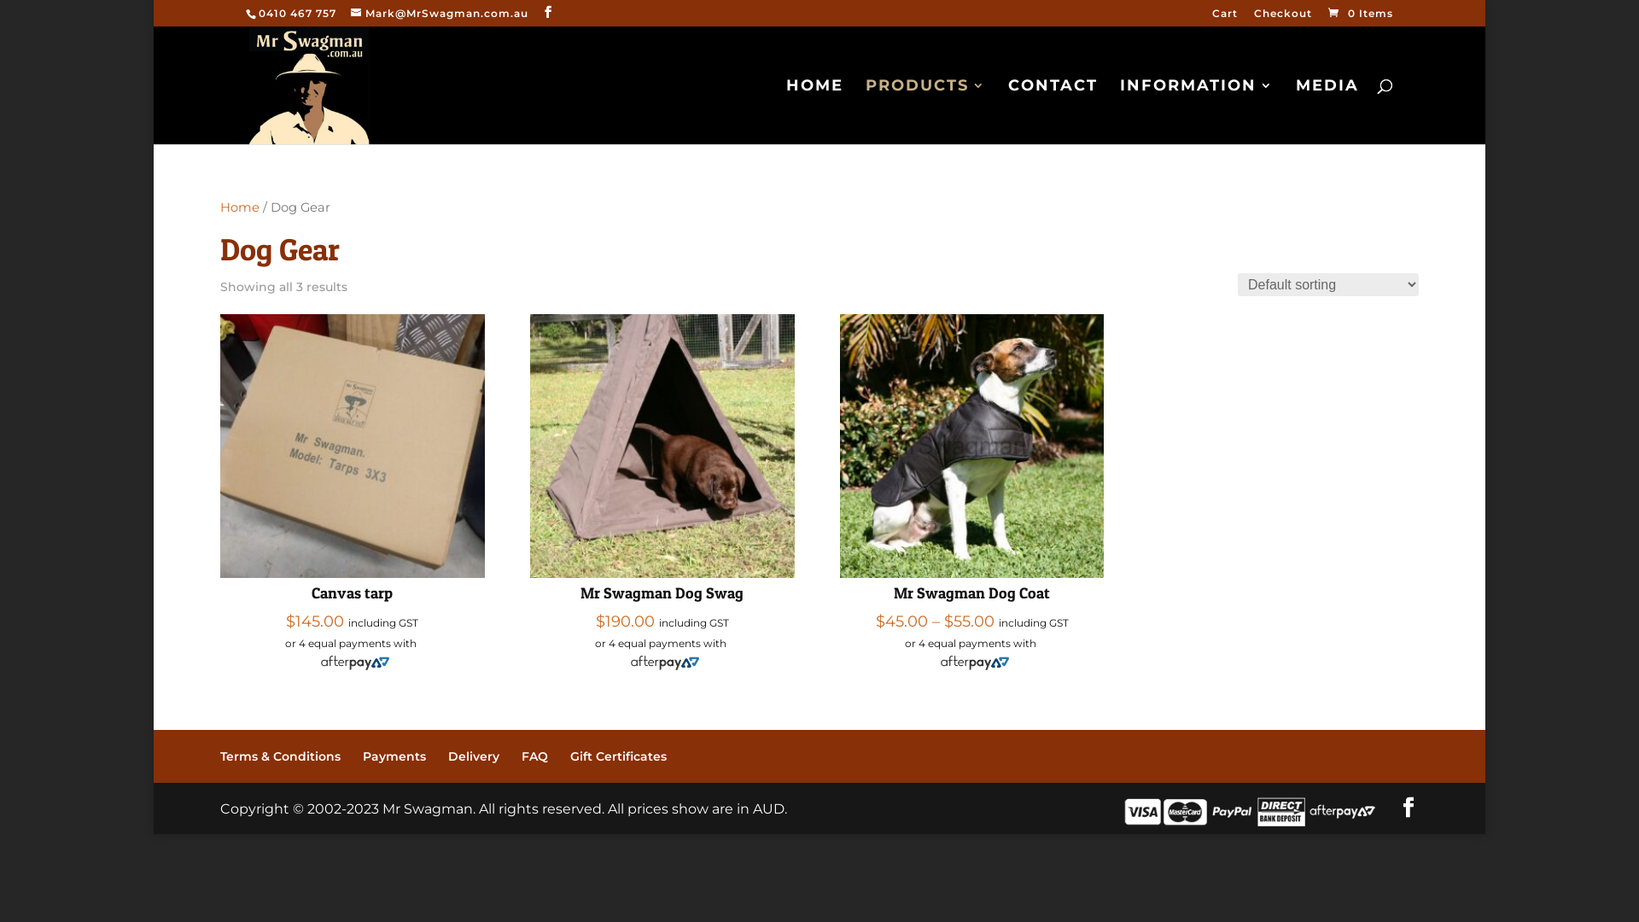 Image resolution: width=1639 pixels, height=922 pixels. What do you see at coordinates (617, 756) in the screenshot?
I see `'Gift Certificates'` at bounding box center [617, 756].